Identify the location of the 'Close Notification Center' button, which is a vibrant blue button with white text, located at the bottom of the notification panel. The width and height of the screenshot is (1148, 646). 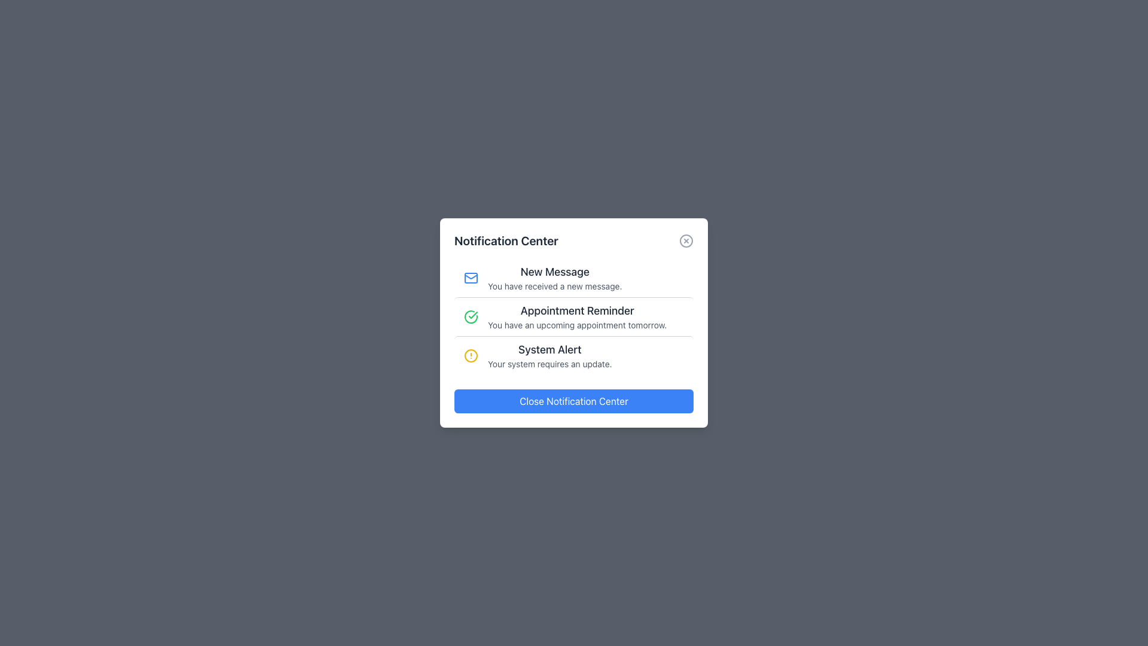
(574, 401).